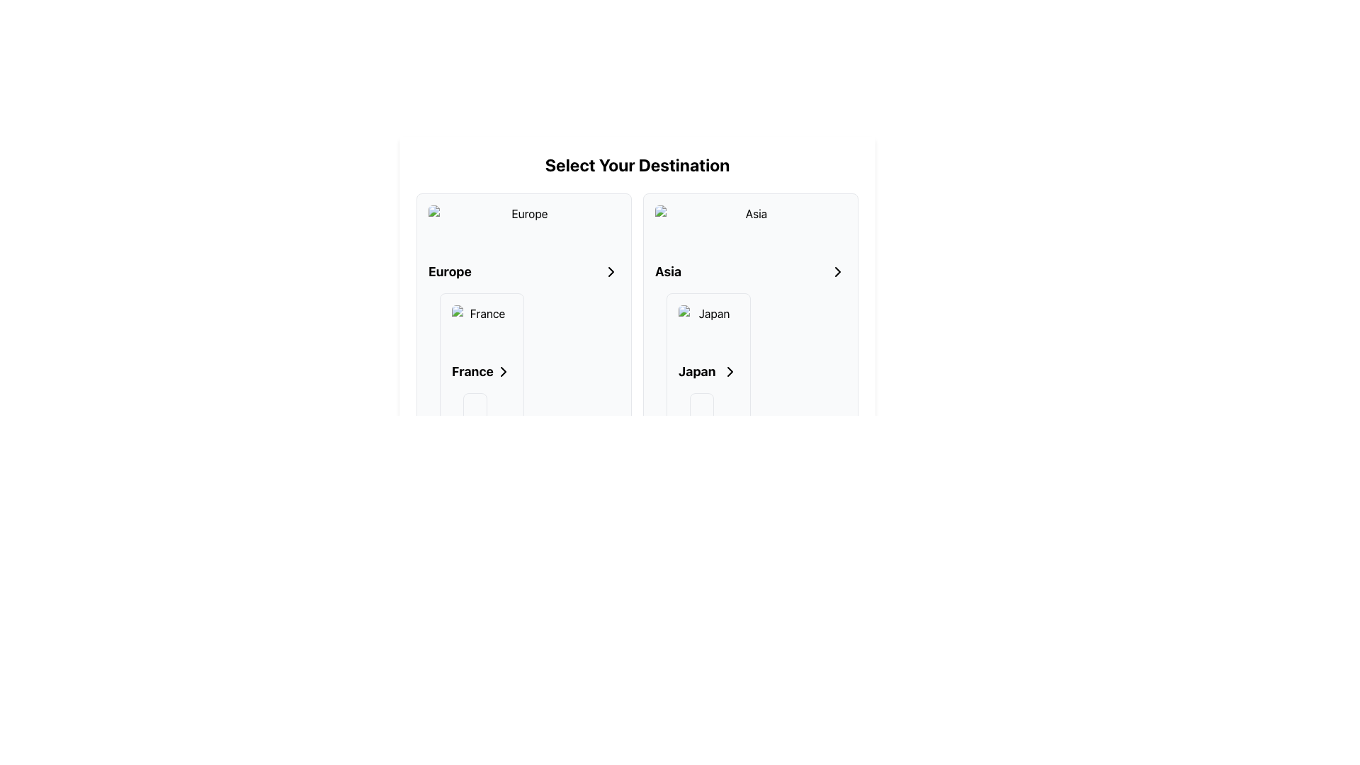  What do you see at coordinates (611, 272) in the screenshot?
I see `the right-pointing chevron icon located on the right side of the 'Europe' section within the 'Select Your Destination' interface` at bounding box center [611, 272].